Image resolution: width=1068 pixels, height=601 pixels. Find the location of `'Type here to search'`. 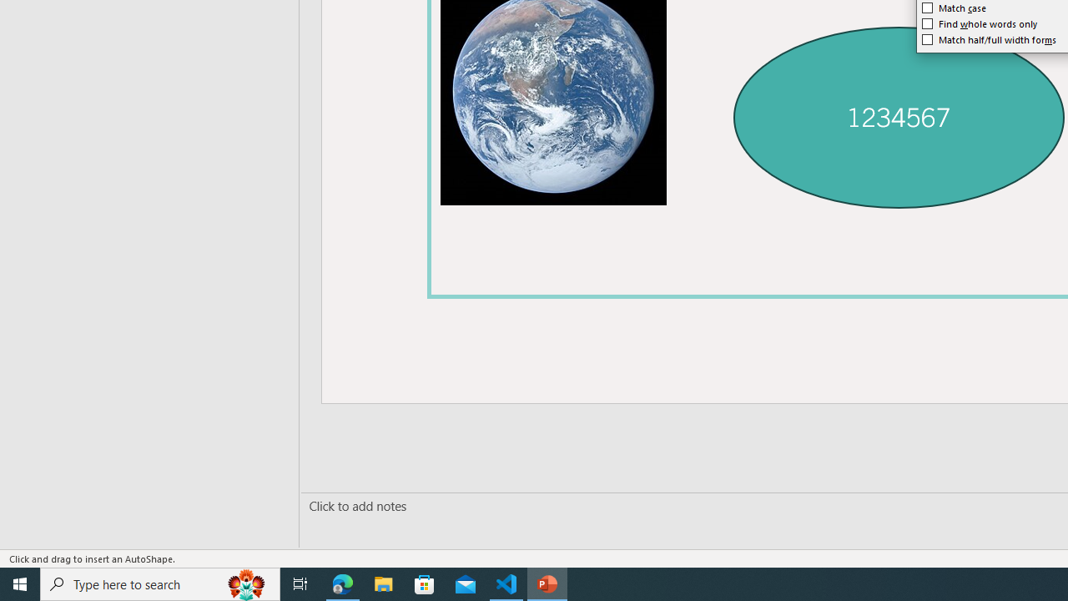

'Type here to search' is located at coordinates (160, 583).